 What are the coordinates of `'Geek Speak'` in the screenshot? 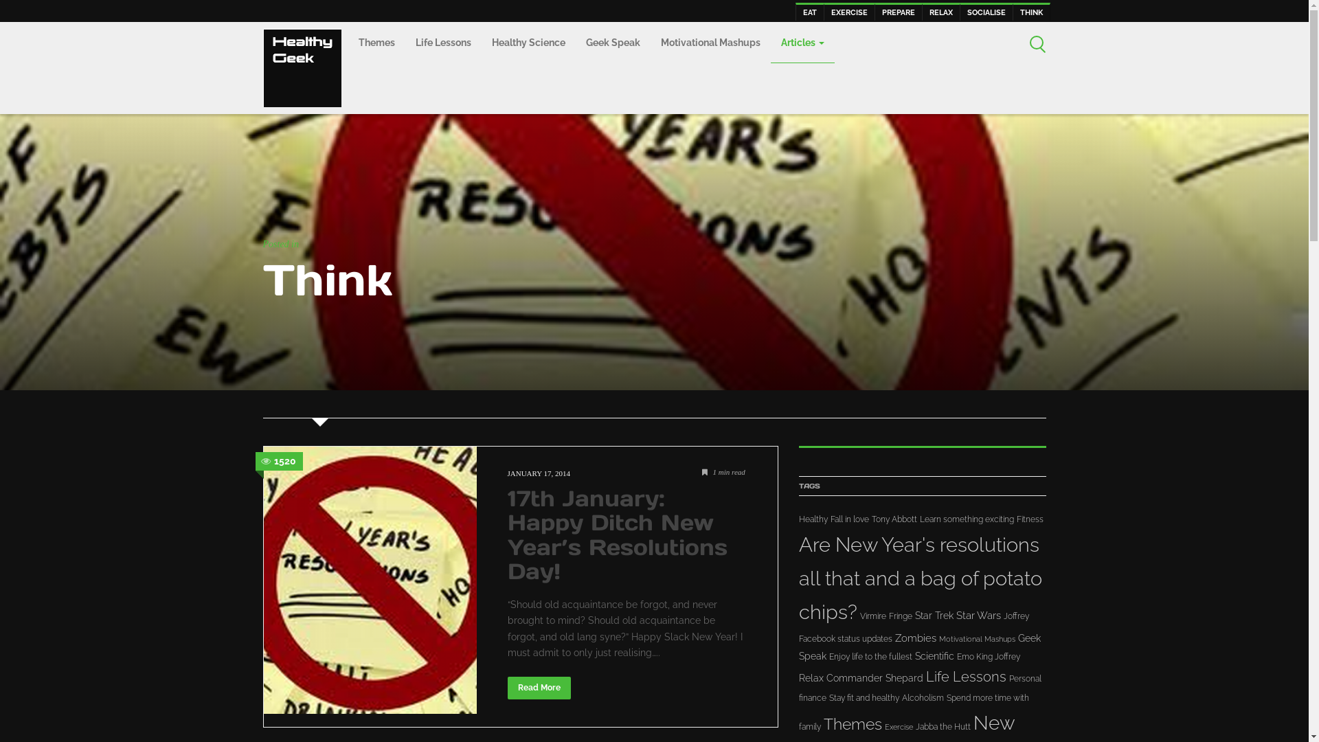 It's located at (612, 43).